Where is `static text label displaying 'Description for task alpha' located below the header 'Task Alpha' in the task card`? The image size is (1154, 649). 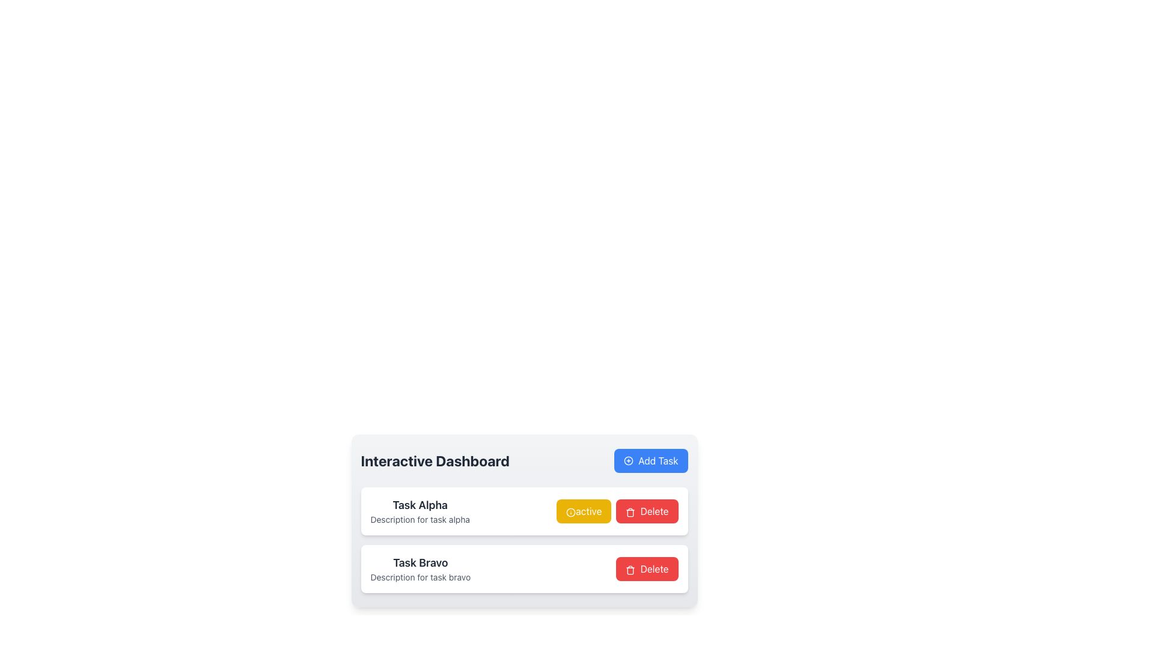 static text label displaying 'Description for task alpha' located below the header 'Task Alpha' in the task card is located at coordinates (420, 519).